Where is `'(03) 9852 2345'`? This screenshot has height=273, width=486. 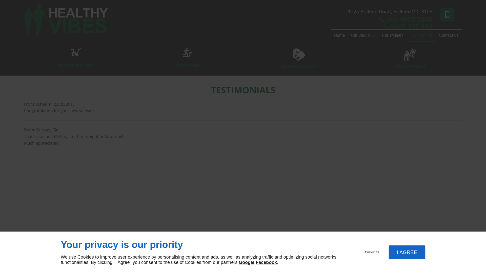
'(03) 9852 2345' is located at coordinates (409, 19).